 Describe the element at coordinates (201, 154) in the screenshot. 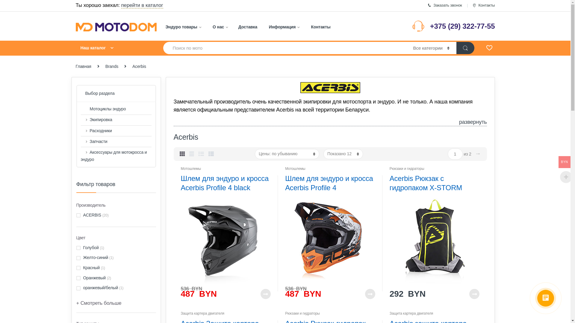

I see `'List View'` at that location.